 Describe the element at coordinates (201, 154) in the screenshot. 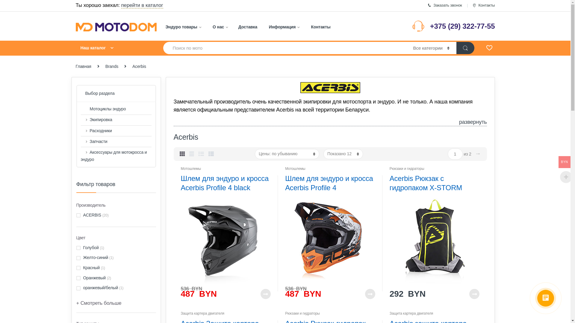

I see `'List View'` at that location.